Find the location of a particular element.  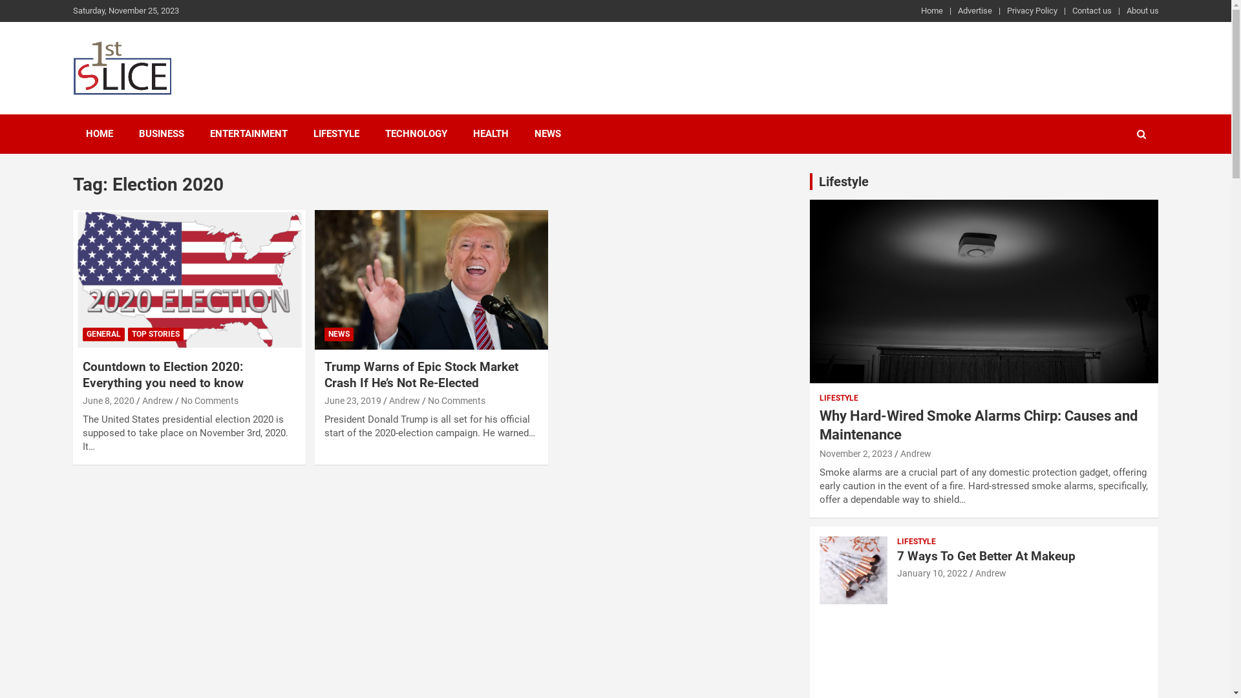

'Countdown to Election 2020: Everything you need to know' is located at coordinates (187, 279).